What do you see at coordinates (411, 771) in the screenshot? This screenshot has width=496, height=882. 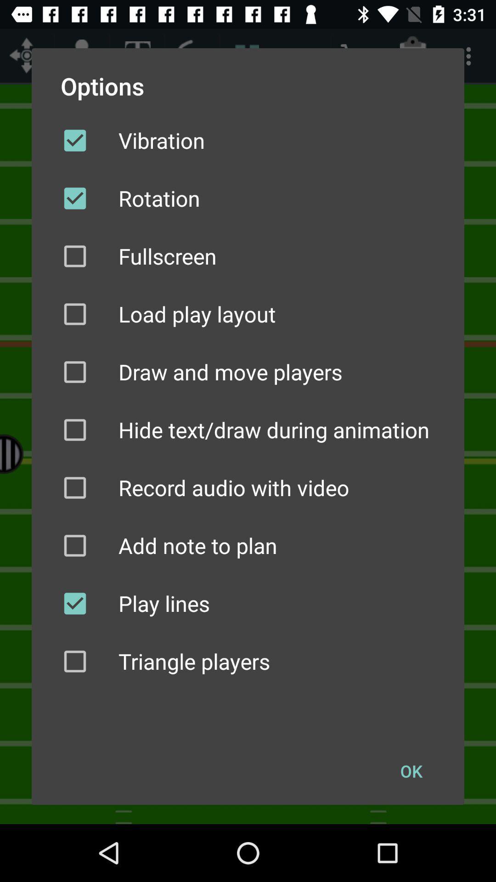 I see `icon at the bottom right corner` at bounding box center [411, 771].